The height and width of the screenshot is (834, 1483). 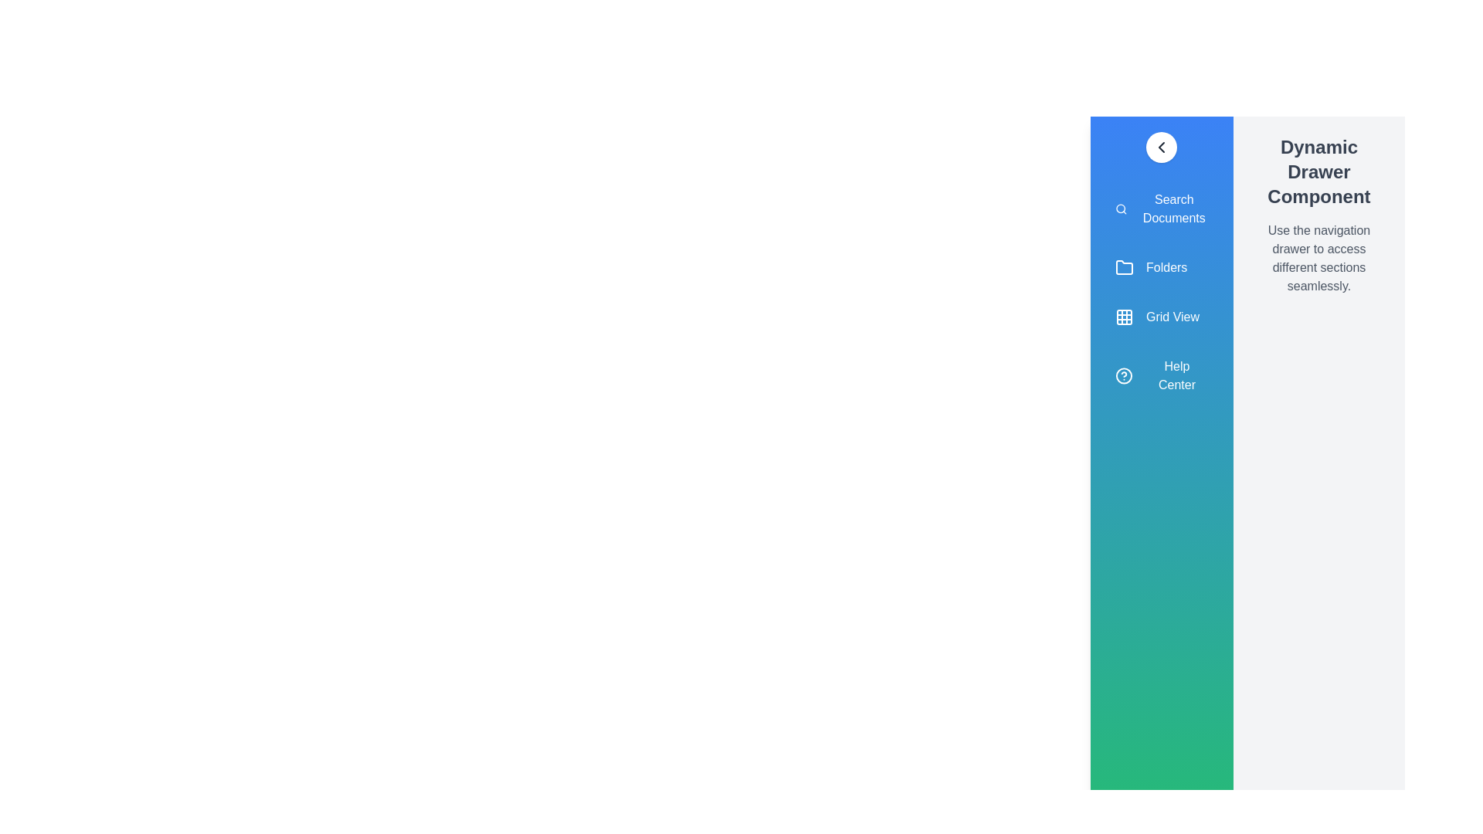 I want to click on the menu item Search Documents, so click(x=1161, y=208).